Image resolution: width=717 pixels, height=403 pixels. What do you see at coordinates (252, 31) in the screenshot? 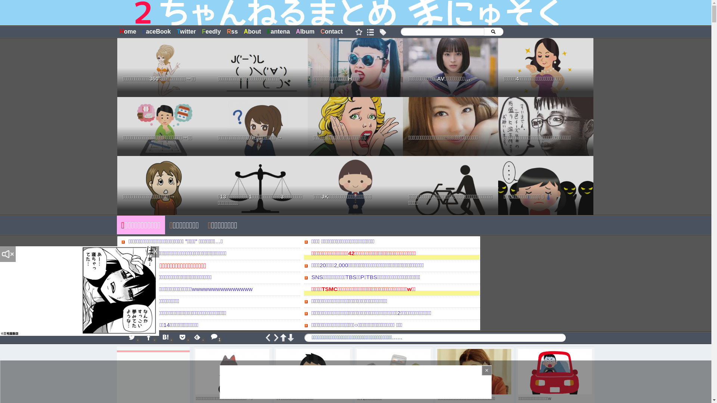
I see `'About'` at bounding box center [252, 31].